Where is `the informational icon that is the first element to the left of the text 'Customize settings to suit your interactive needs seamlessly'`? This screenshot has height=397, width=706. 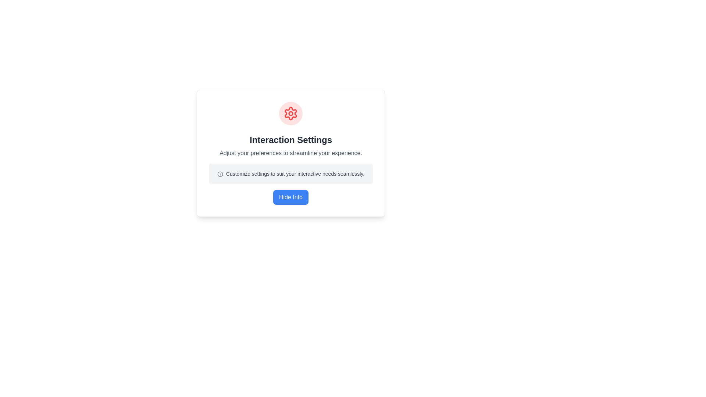
the informational icon that is the first element to the left of the text 'Customize settings to suit your interactive needs seamlessly' is located at coordinates (220, 174).